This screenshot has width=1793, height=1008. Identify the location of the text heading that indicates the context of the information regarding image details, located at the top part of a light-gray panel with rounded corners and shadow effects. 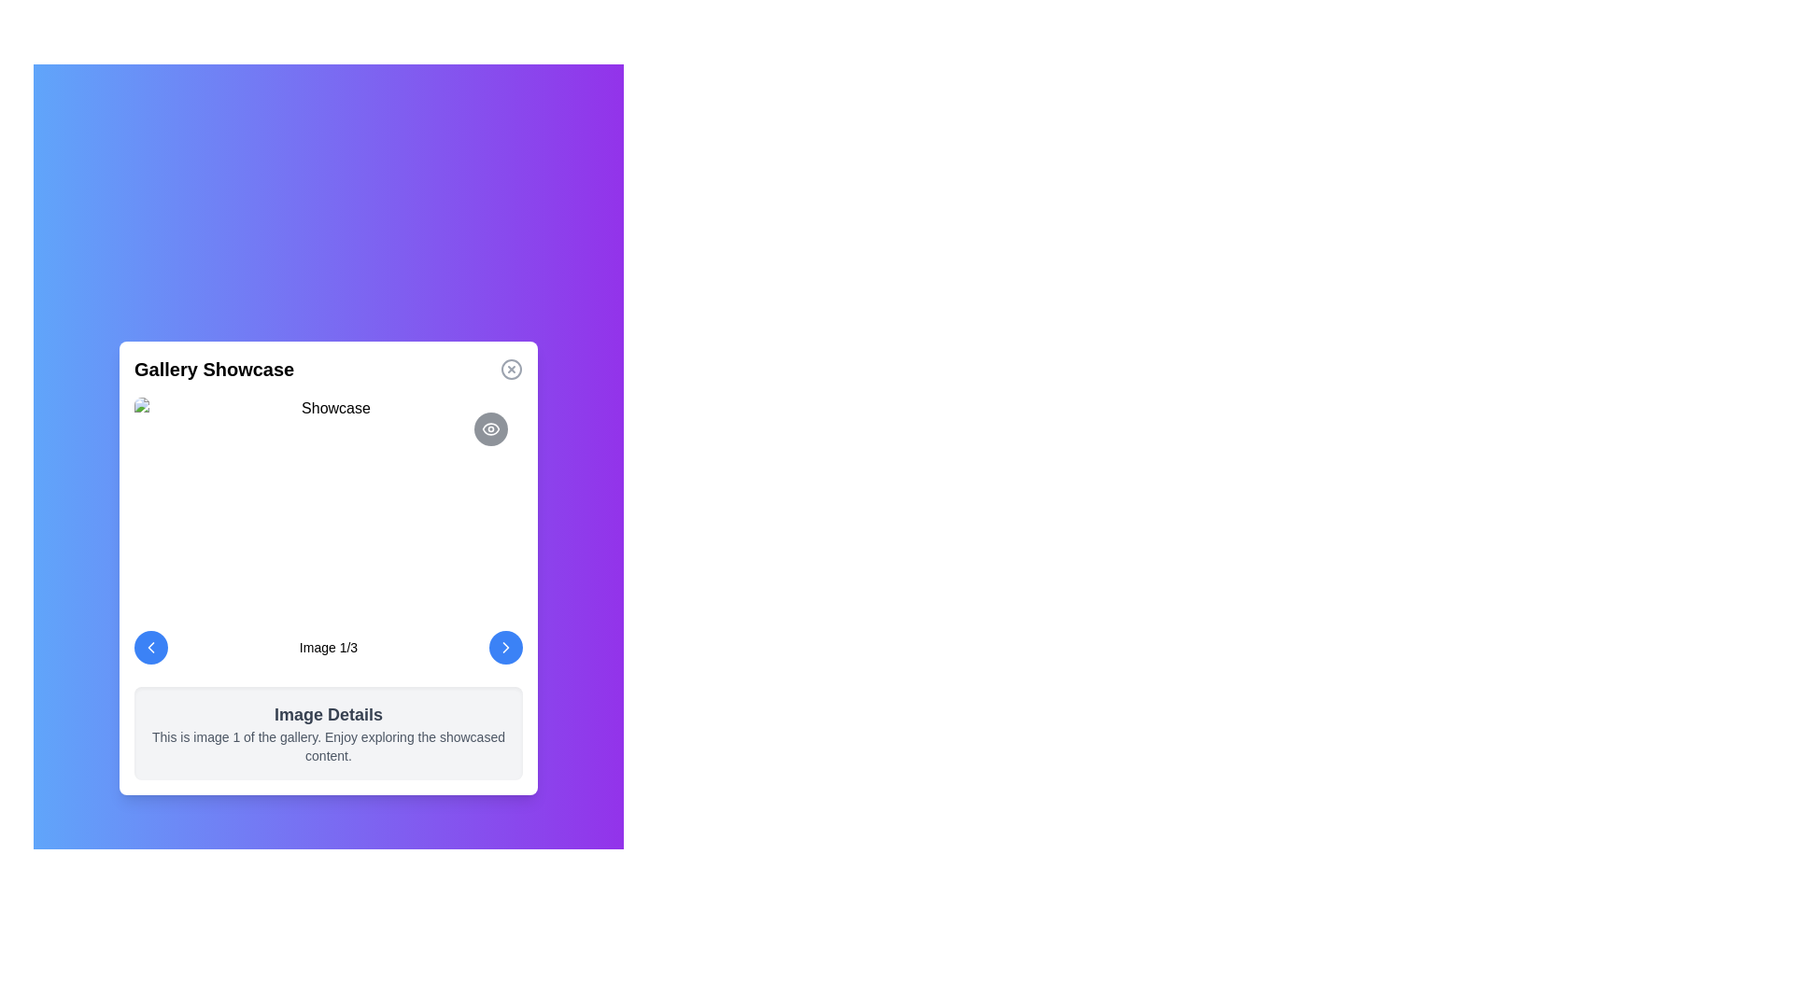
(328, 714).